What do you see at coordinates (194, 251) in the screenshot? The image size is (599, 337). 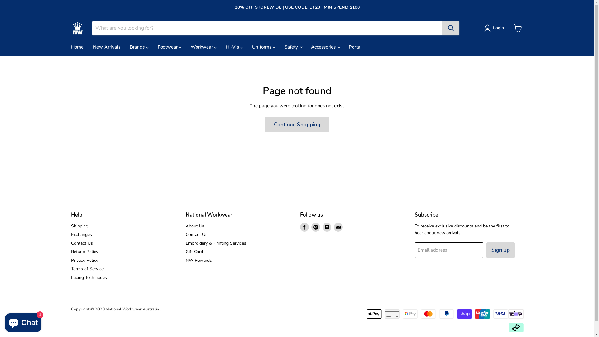 I see `'Gift Card'` at bounding box center [194, 251].